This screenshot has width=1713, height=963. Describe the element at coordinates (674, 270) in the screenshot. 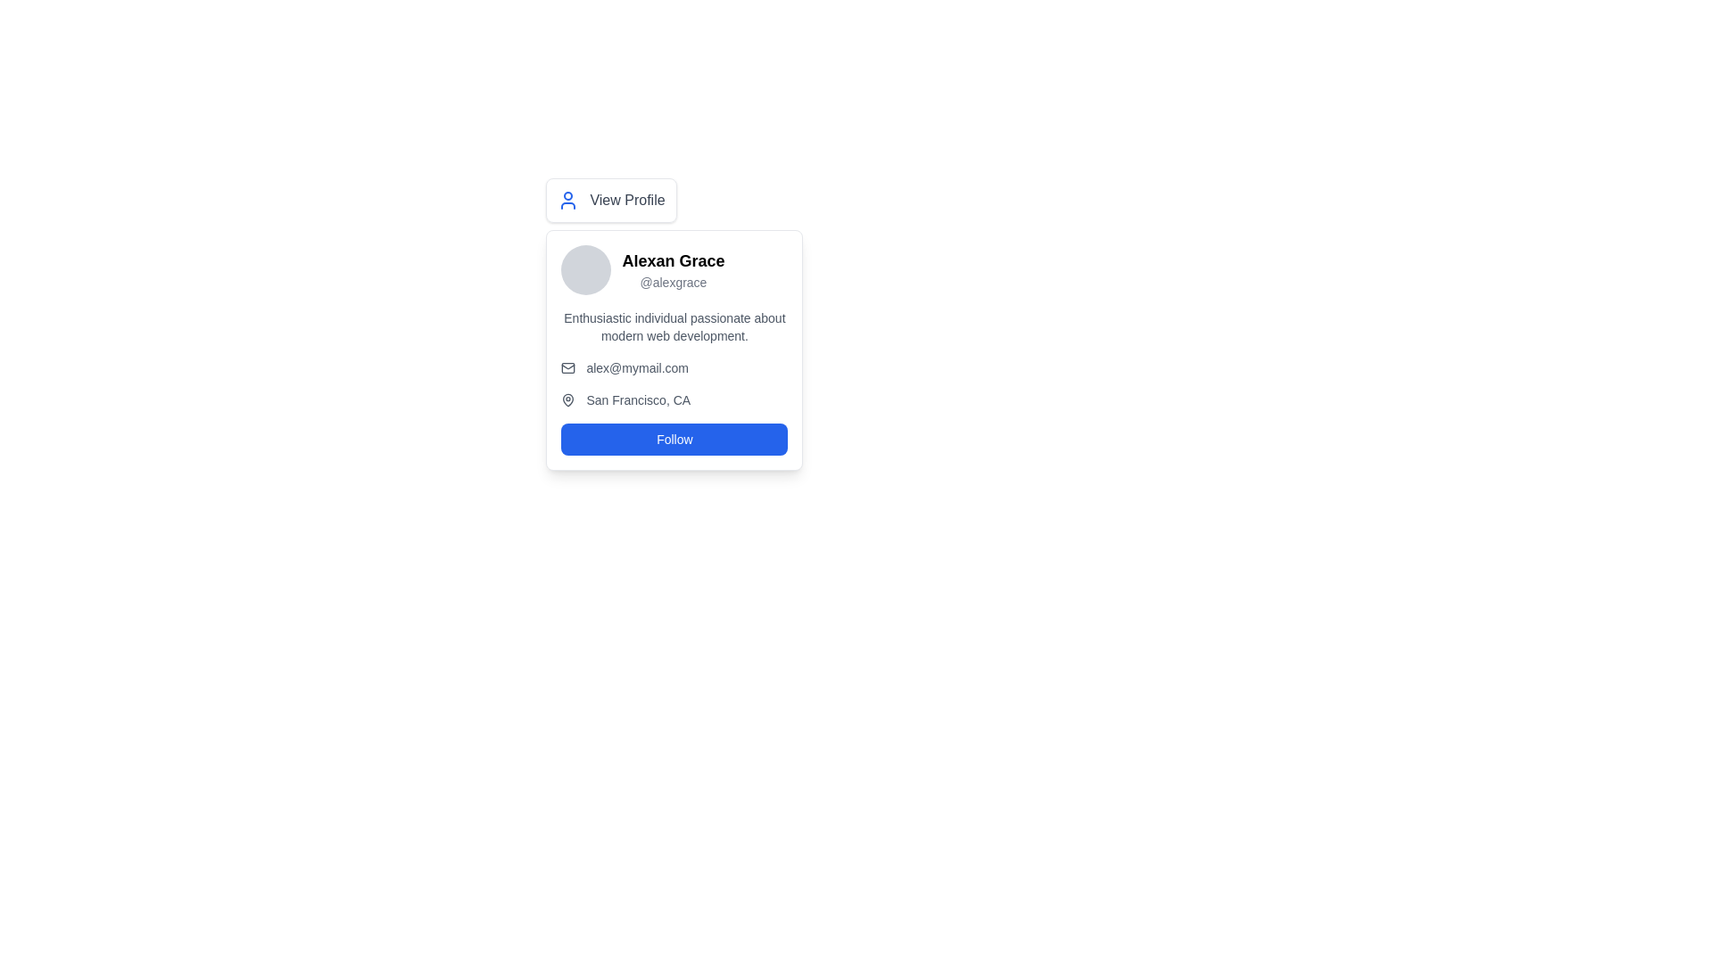

I see `the Profile display section at the top of the dialog box` at that location.